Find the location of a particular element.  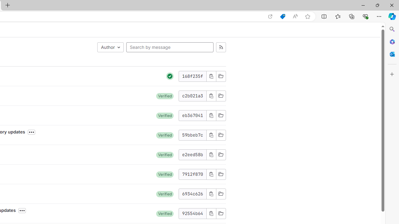

'Search by message' is located at coordinates (170, 47).